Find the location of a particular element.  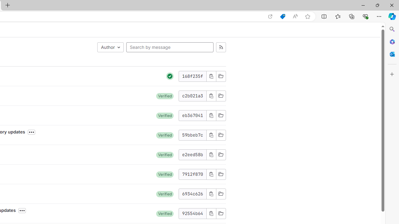

'Search by message' is located at coordinates (170, 47).